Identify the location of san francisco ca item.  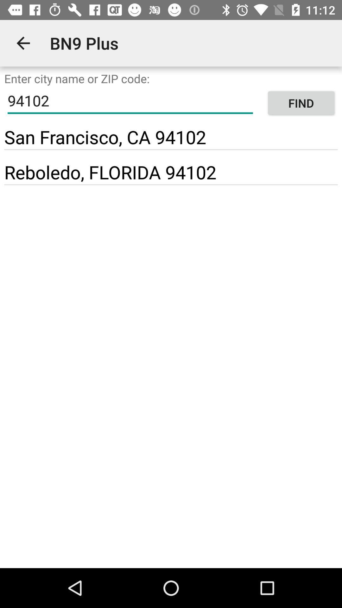
(105, 136).